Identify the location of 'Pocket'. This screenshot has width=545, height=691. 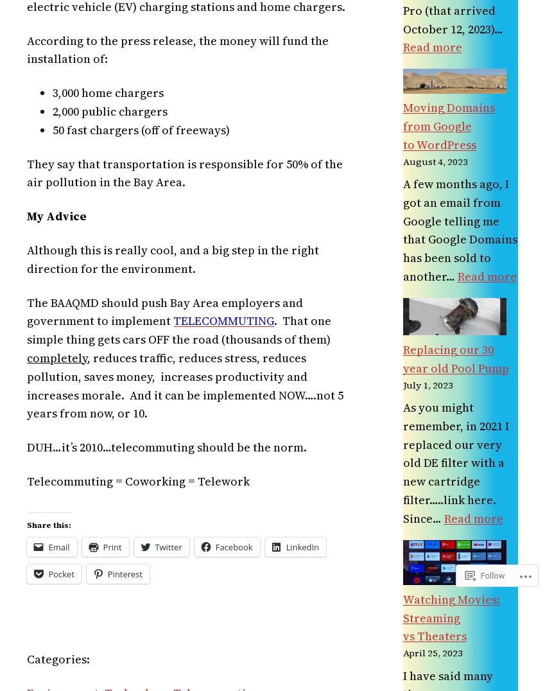
(60, 574).